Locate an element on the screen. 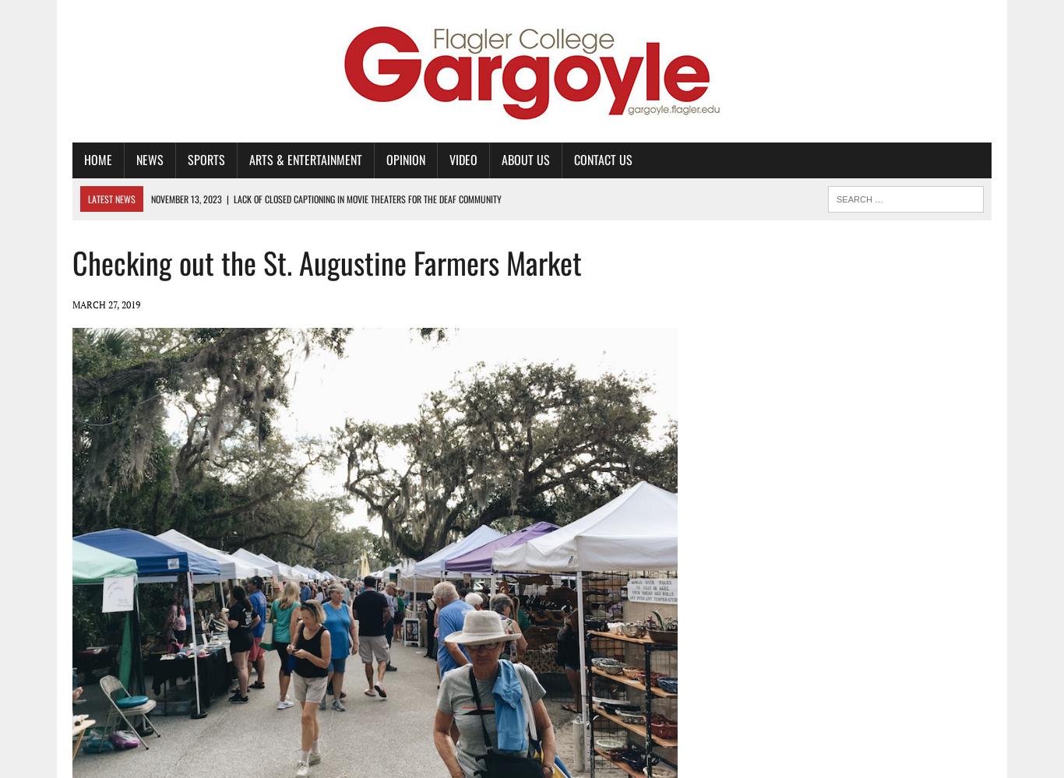 This screenshot has height=778, width=1064. 'Love and Light: Modern Relationships Built on Faith' is located at coordinates (270, 248).